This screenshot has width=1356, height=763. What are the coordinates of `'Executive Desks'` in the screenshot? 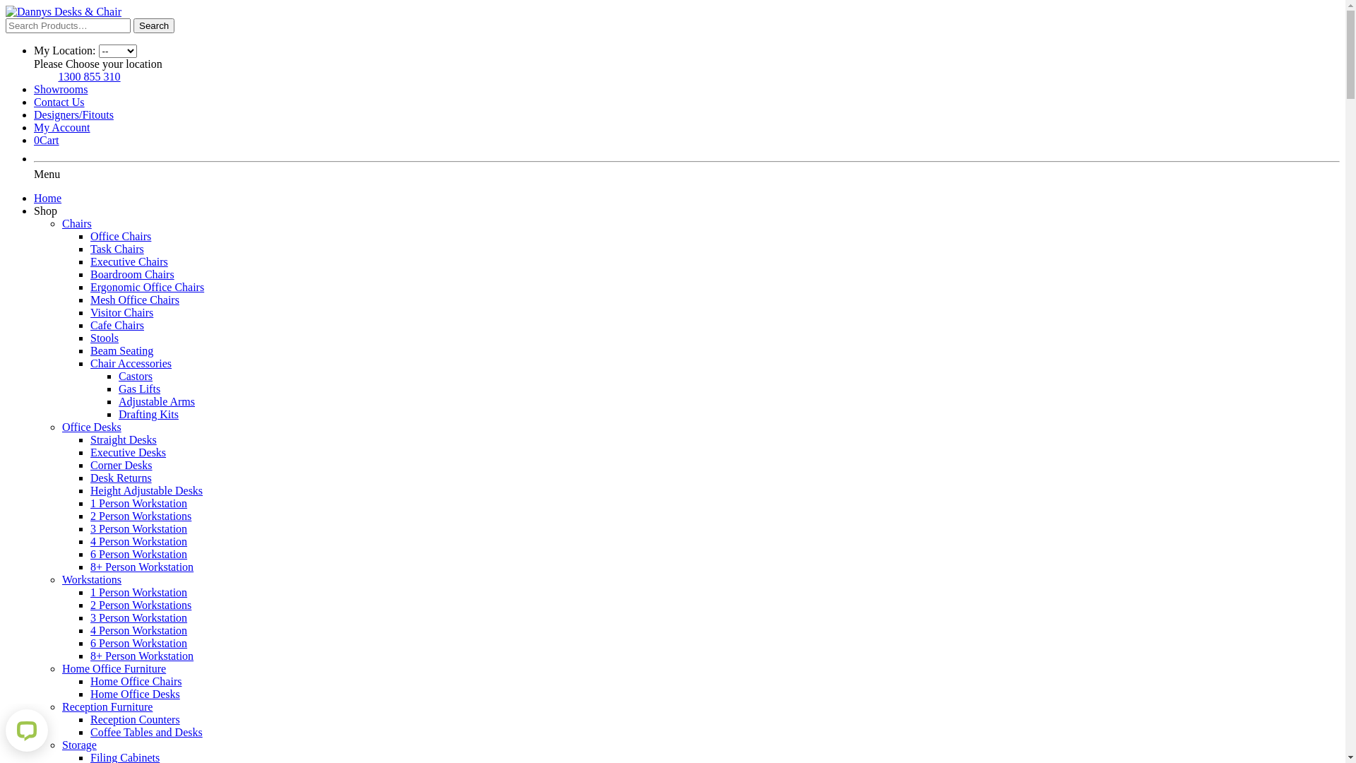 It's located at (128, 452).